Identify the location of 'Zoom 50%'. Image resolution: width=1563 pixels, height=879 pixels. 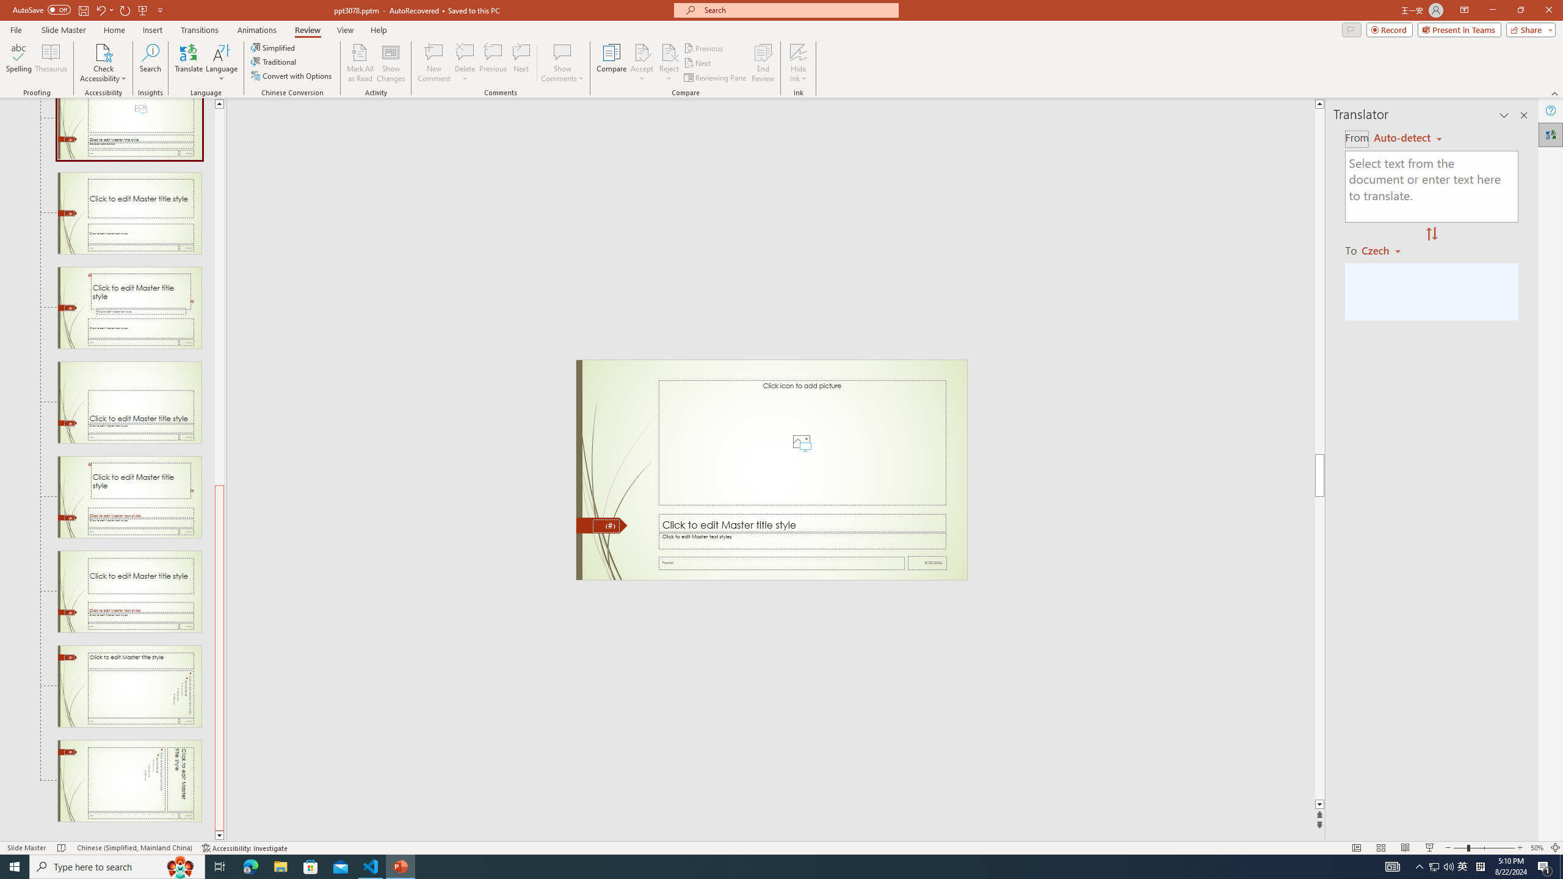
(1536, 848).